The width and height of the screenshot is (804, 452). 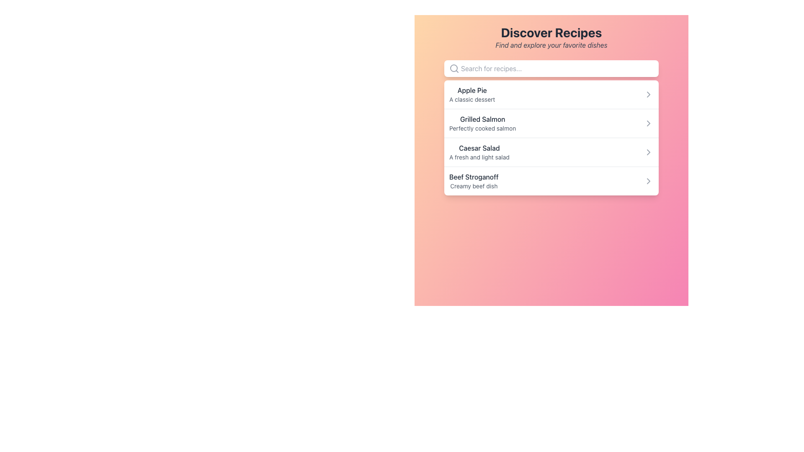 What do you see at coordinates (648, 123) in the screenshot?
I see `the chevron icon at the right edge of the 'Grilled Salmon' list item` at bounding box center [648, 123].